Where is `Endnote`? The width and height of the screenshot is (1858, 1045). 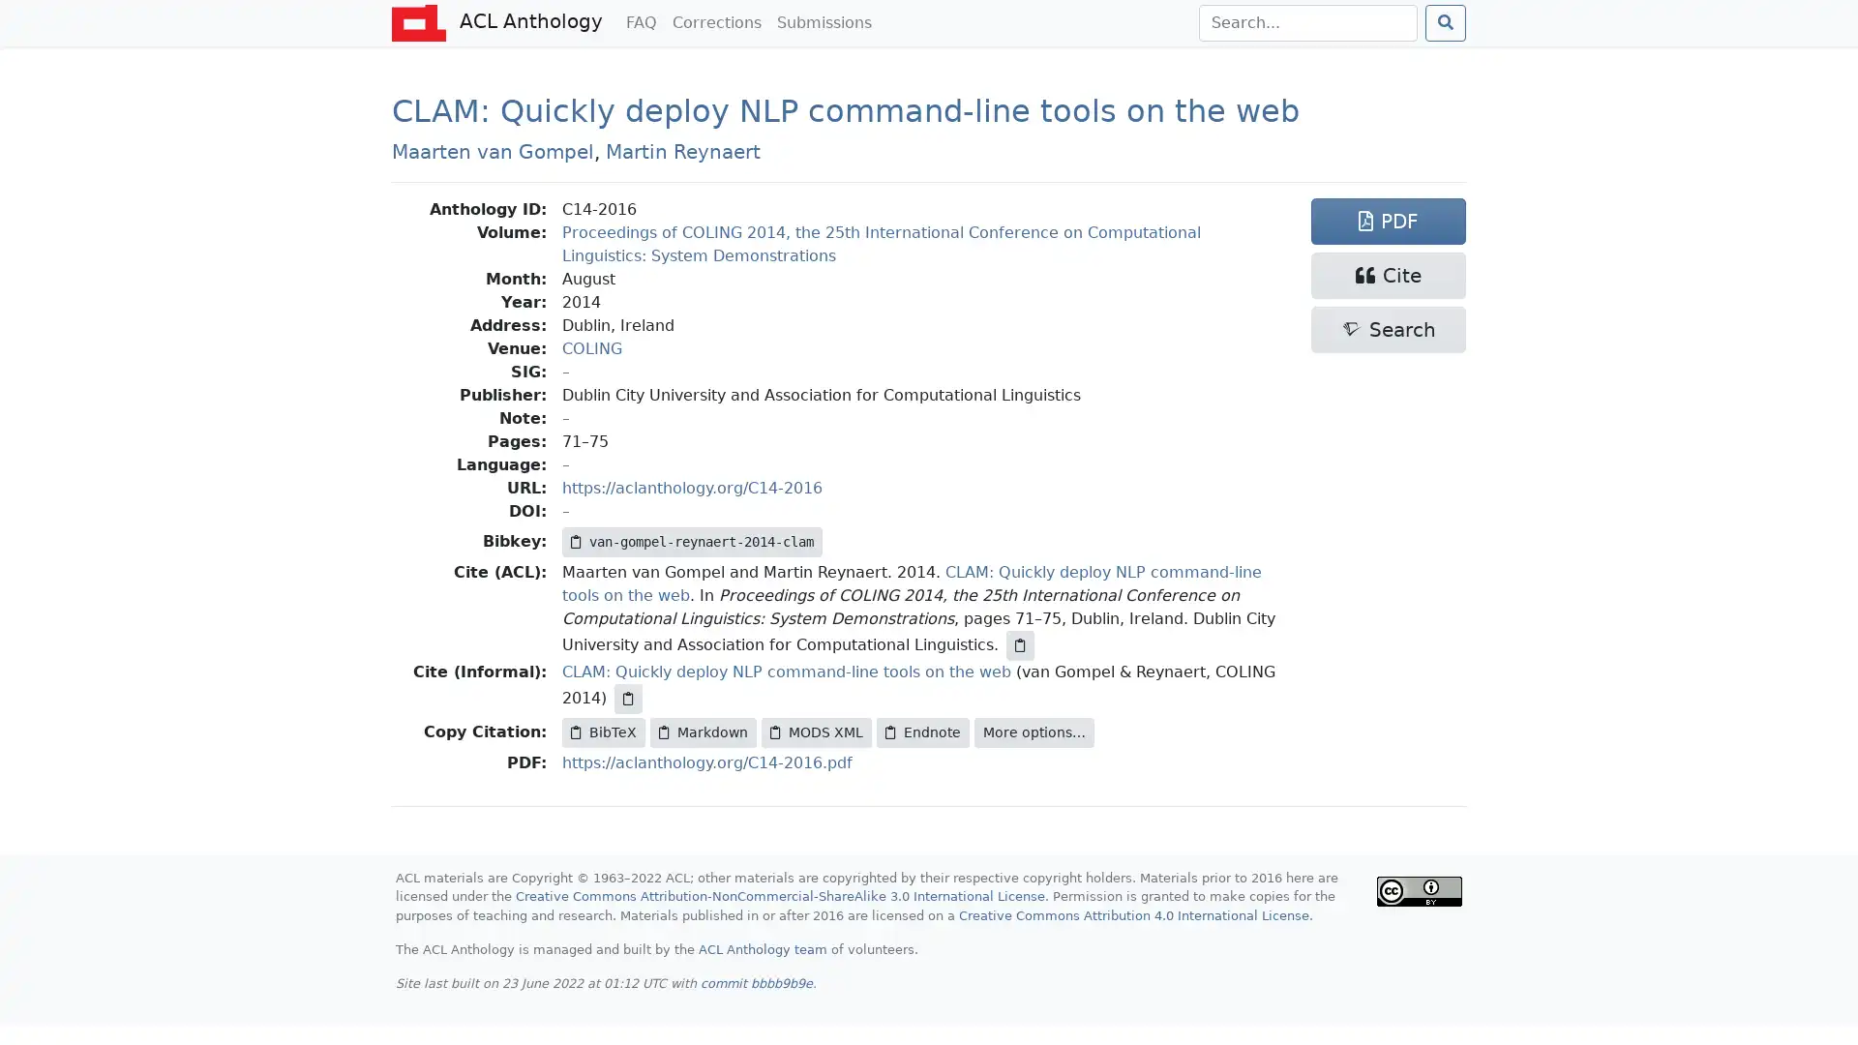
Endnote is located at coordinates (922, 732).